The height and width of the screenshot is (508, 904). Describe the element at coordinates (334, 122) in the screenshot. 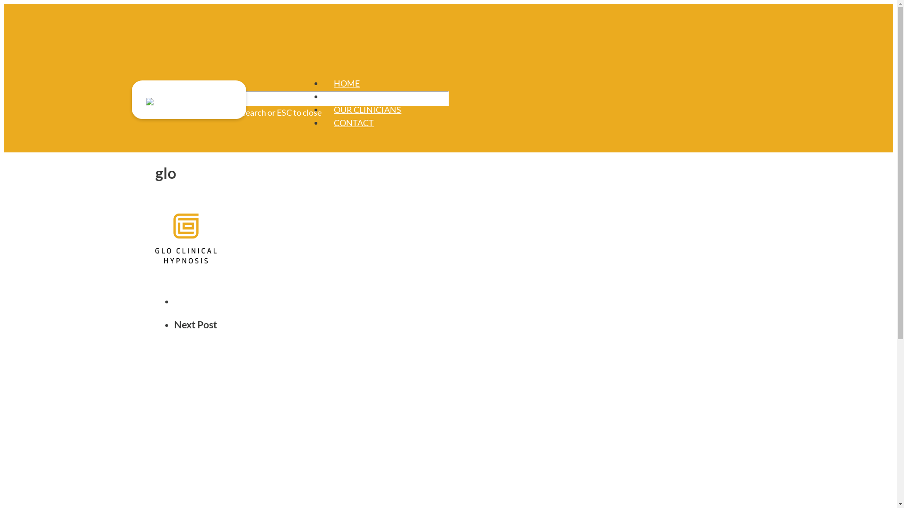

I see `'CONTACT'` at that location.